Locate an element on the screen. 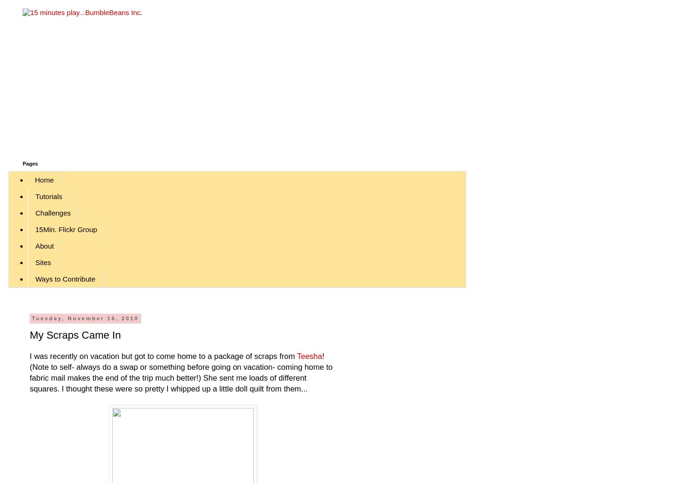 This screenshot has height=483, width=688. 'Ways to Contribute' is located at coordinates (65, 278).